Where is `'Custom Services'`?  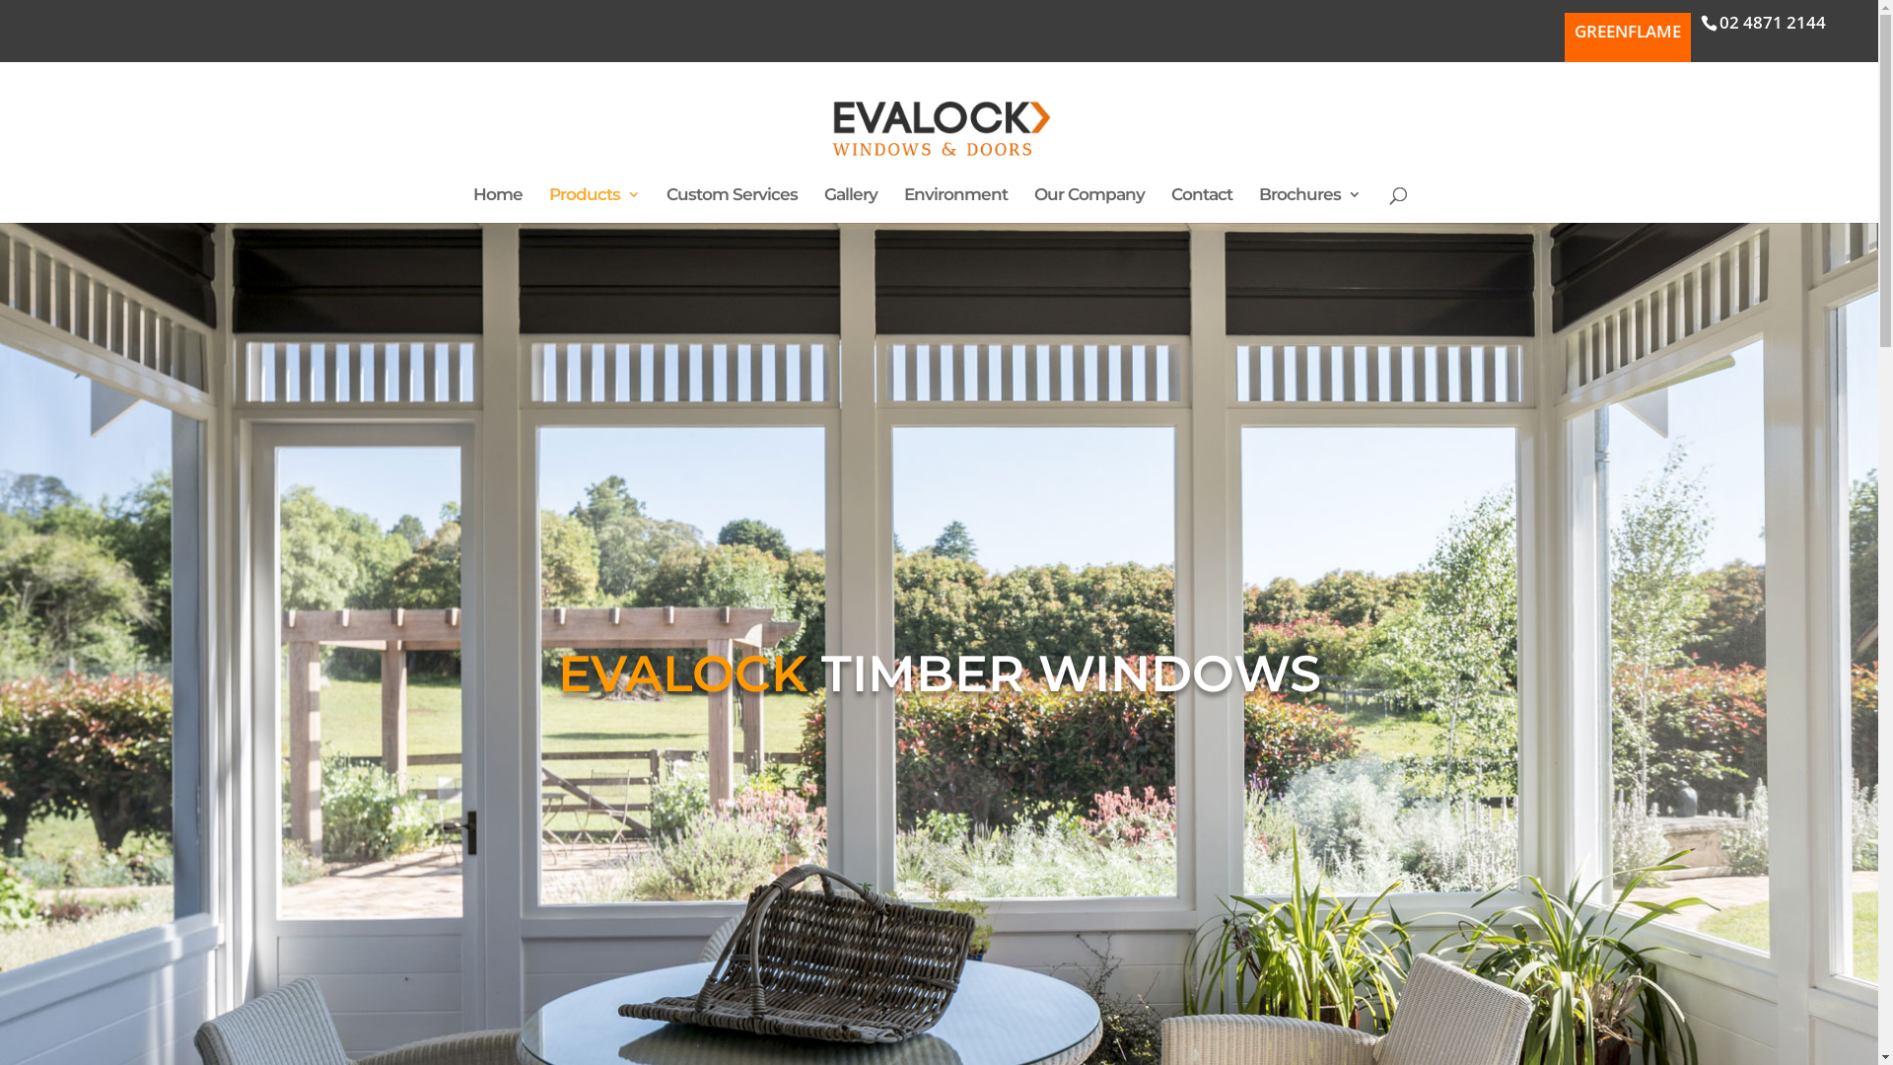 'Custom Services' is located at coordinates (731, 205).